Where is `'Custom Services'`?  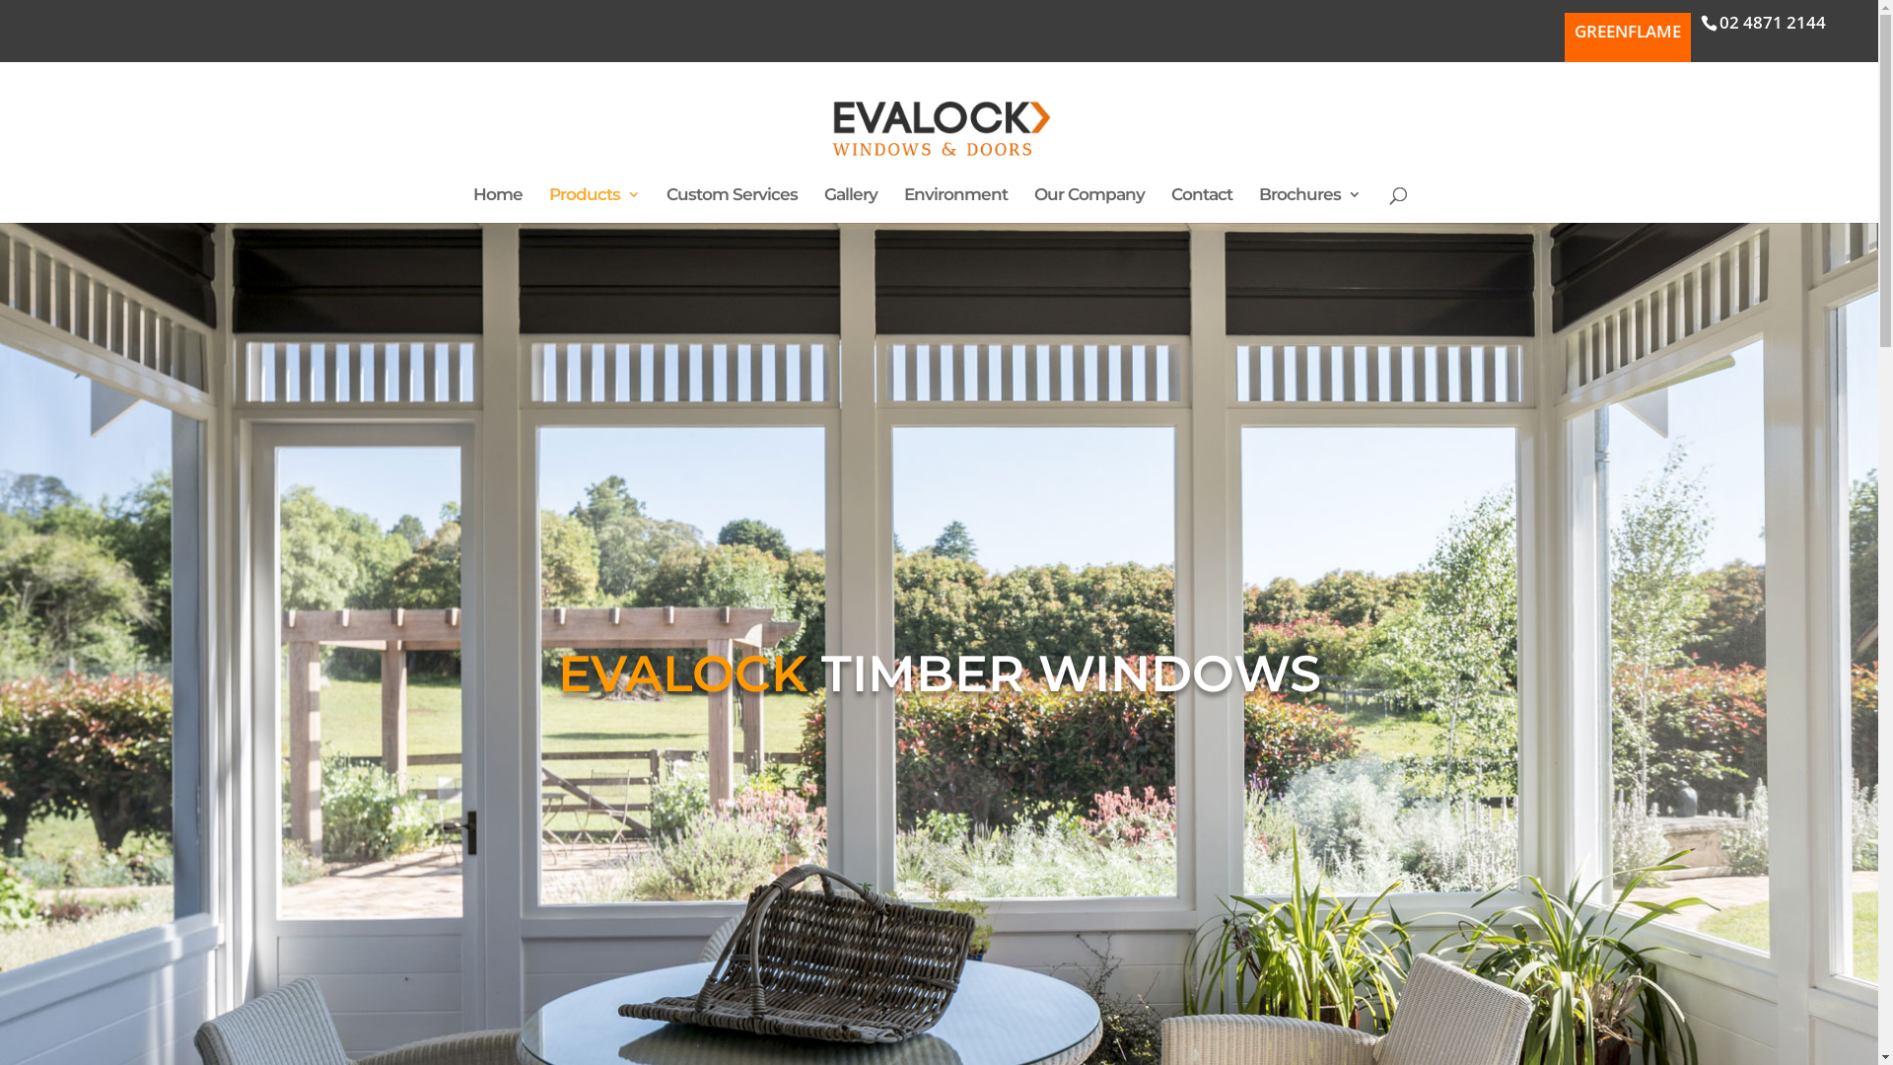 'Custom Services' is located at coordinates (731, 205).